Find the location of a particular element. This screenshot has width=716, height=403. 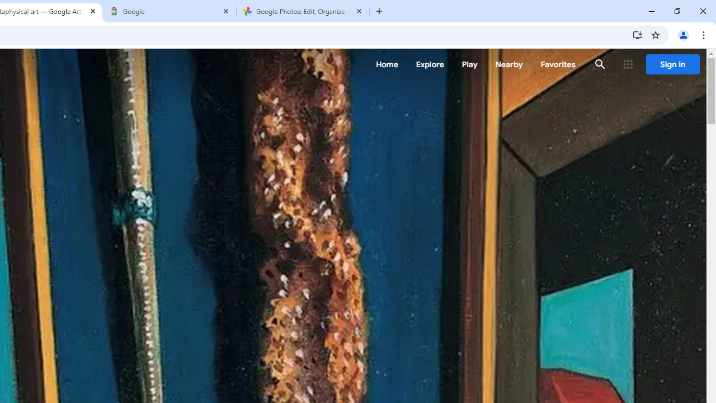

'Favorites' is located at coordinates (558, 64).